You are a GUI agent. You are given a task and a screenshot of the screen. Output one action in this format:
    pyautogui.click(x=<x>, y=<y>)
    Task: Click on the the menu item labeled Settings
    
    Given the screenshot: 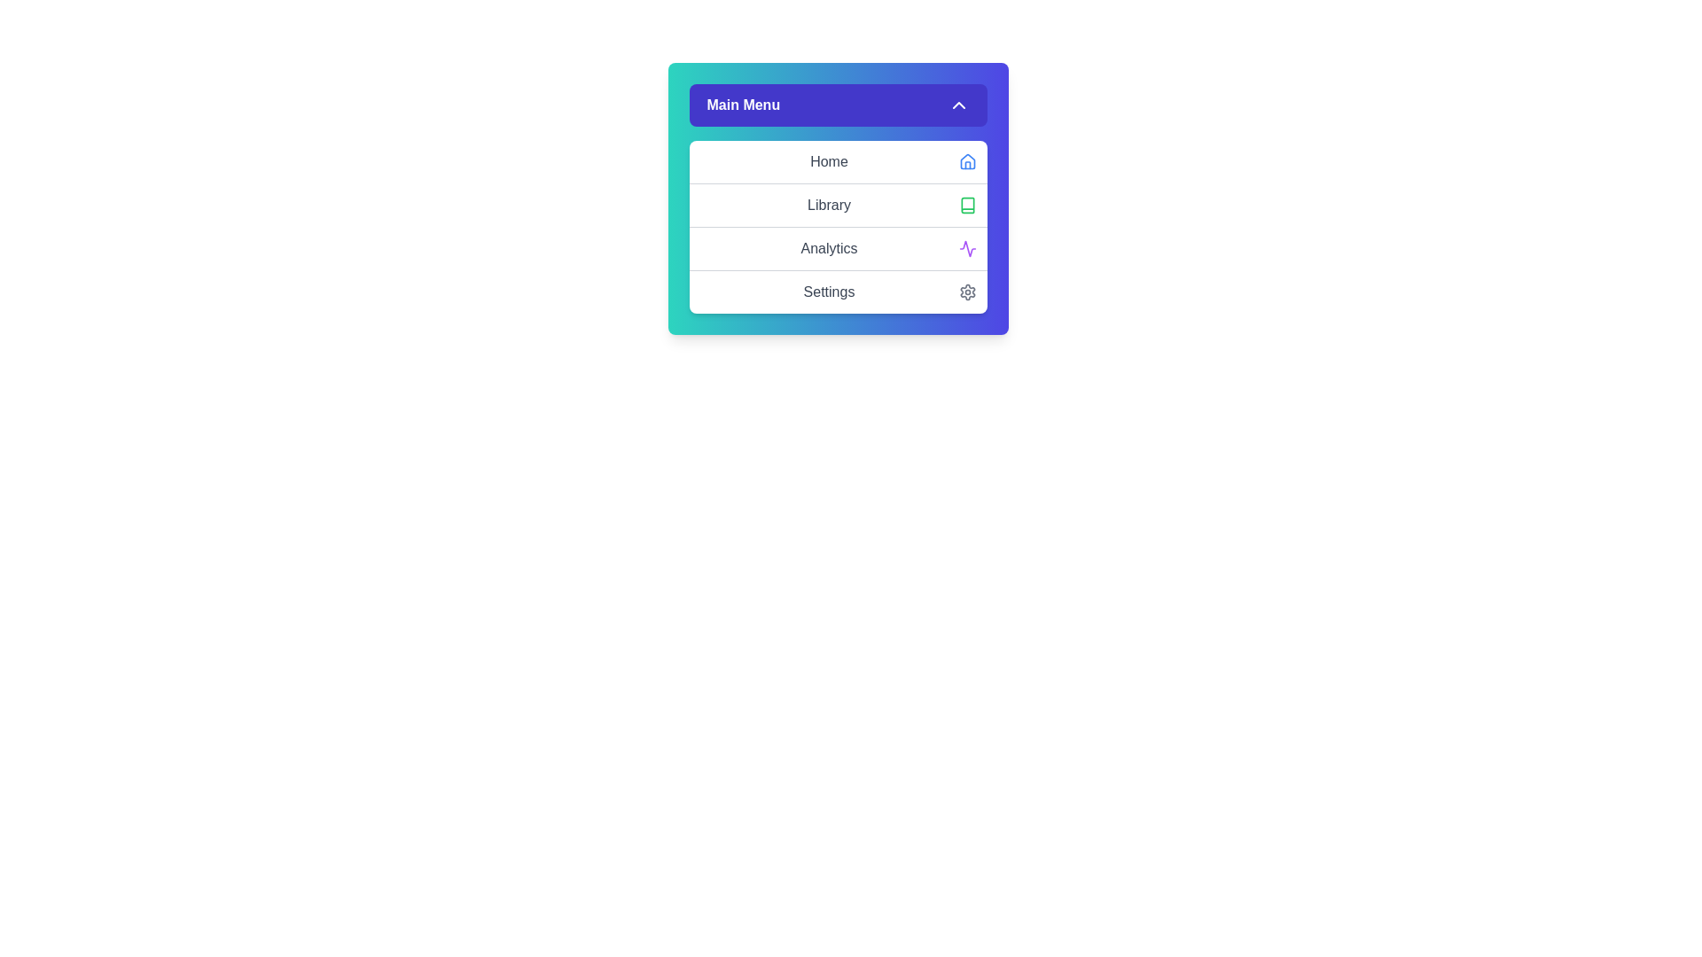 What is the action you would take?
    pyautogui.click(x=837, y=291)
    